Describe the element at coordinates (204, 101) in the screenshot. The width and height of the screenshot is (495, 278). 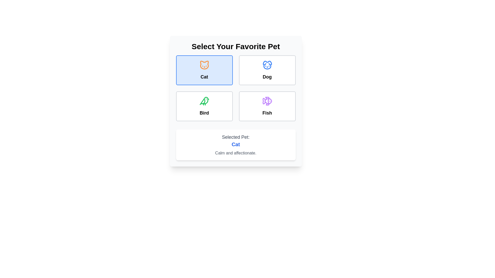
I see `the 'Bird' SVG icon in the pet selection interface` at that location.